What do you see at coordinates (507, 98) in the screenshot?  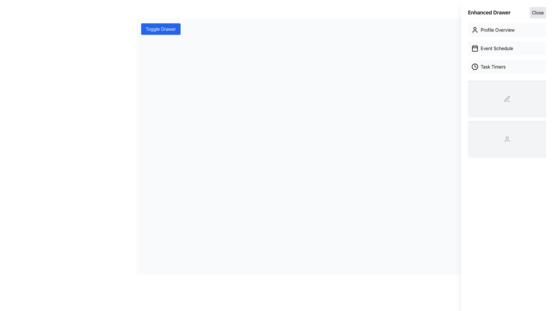 I see `the gray pen icon located in the second last section of the right-hand side panel labeled 'Enhanced Drawer'` at bounding box center [507, 98].